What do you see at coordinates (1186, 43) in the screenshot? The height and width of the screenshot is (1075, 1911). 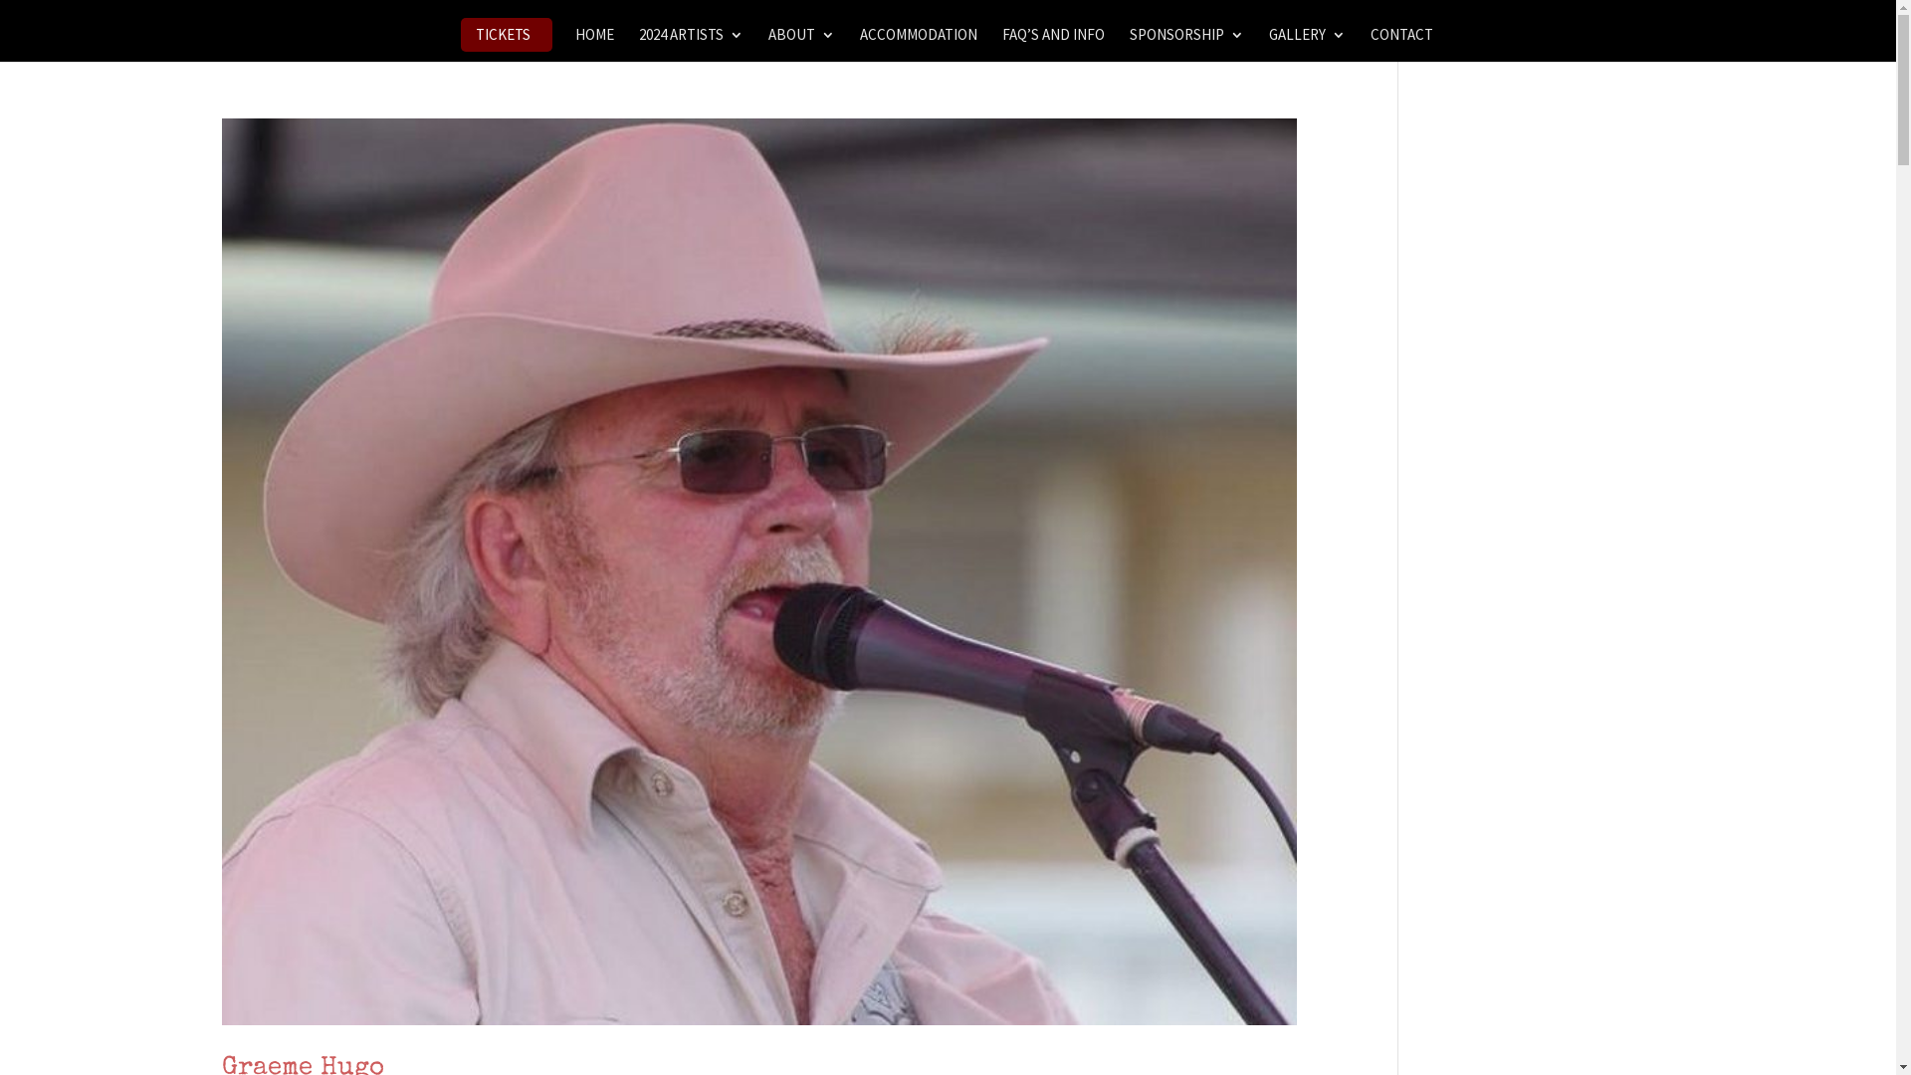 I see `'SPONSORSHIP'` at bounding box center [1186, 43].